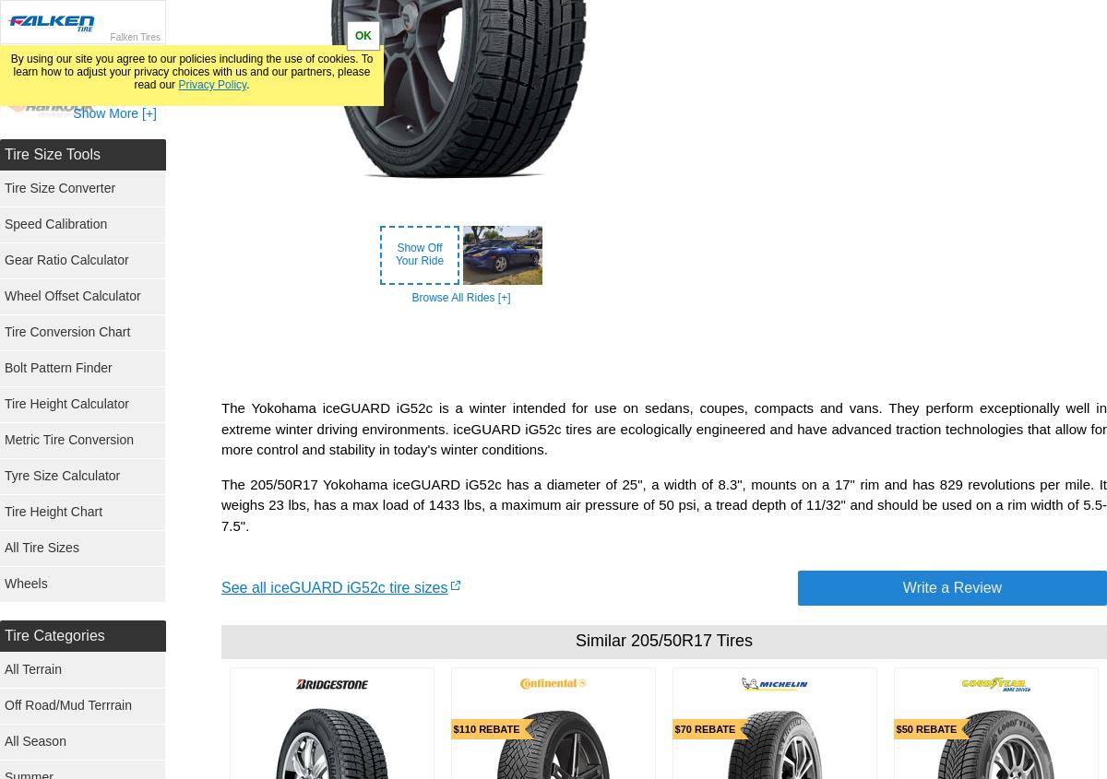 This screenshot has height=779, width=1107. What do you see at coordinates (135, 643) in the screenshot?
I see `'Maxxis Tires'` at bounding box center [135, 643].